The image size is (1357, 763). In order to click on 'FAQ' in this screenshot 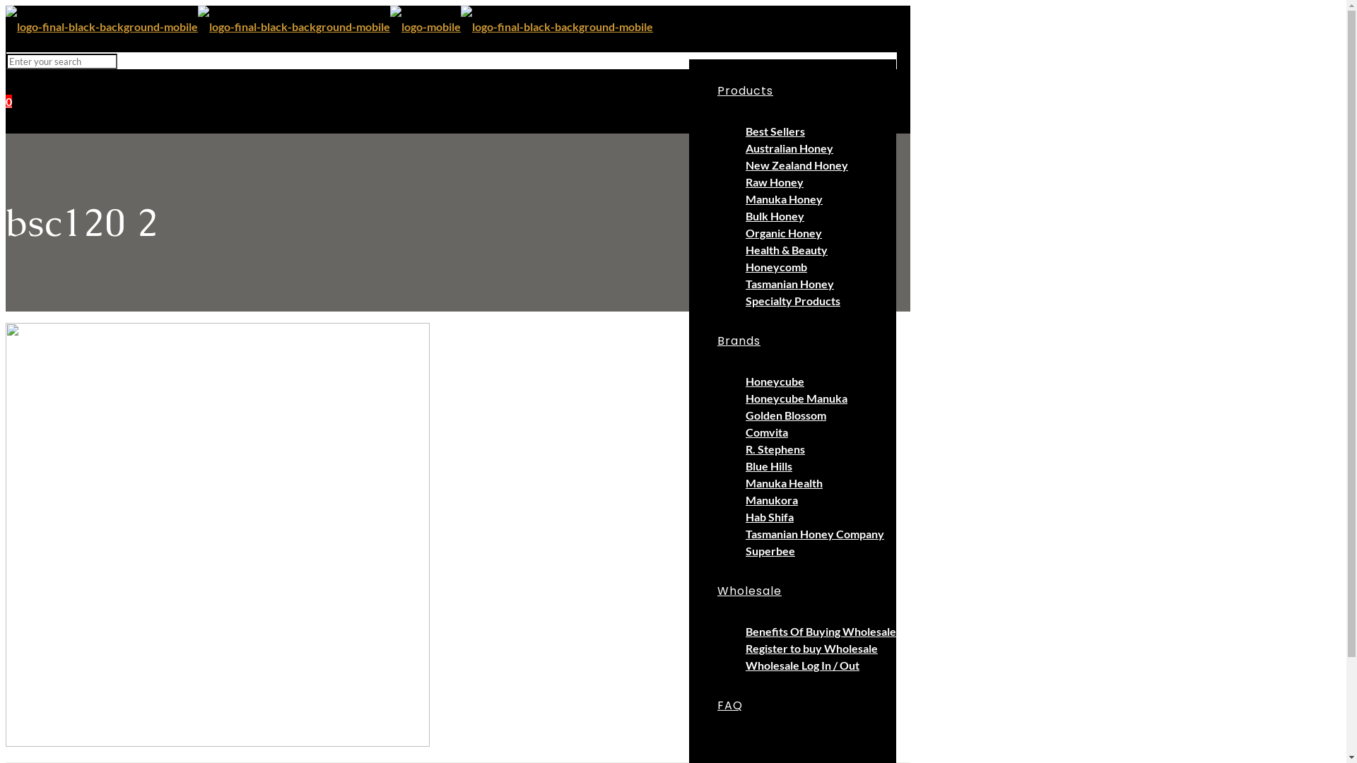, I will do `click(729, 705)`.